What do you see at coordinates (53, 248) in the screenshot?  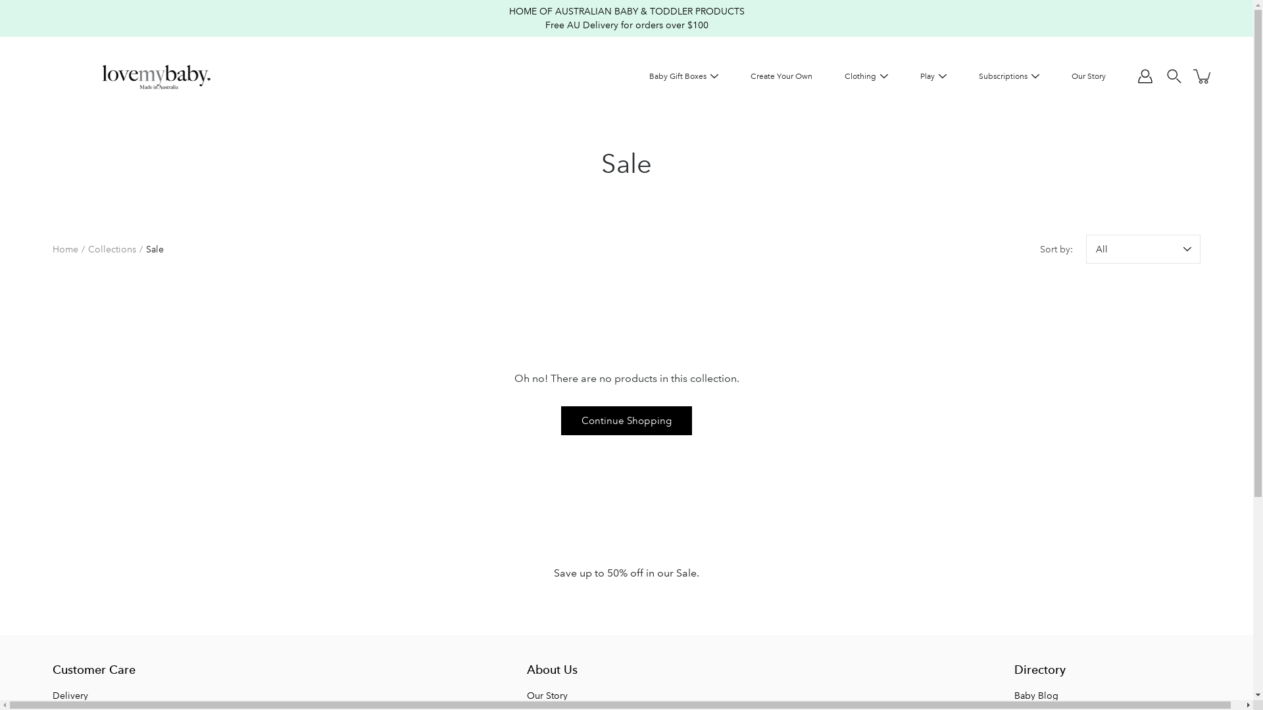 I see `'Home'` at bounding box center [53, 248].